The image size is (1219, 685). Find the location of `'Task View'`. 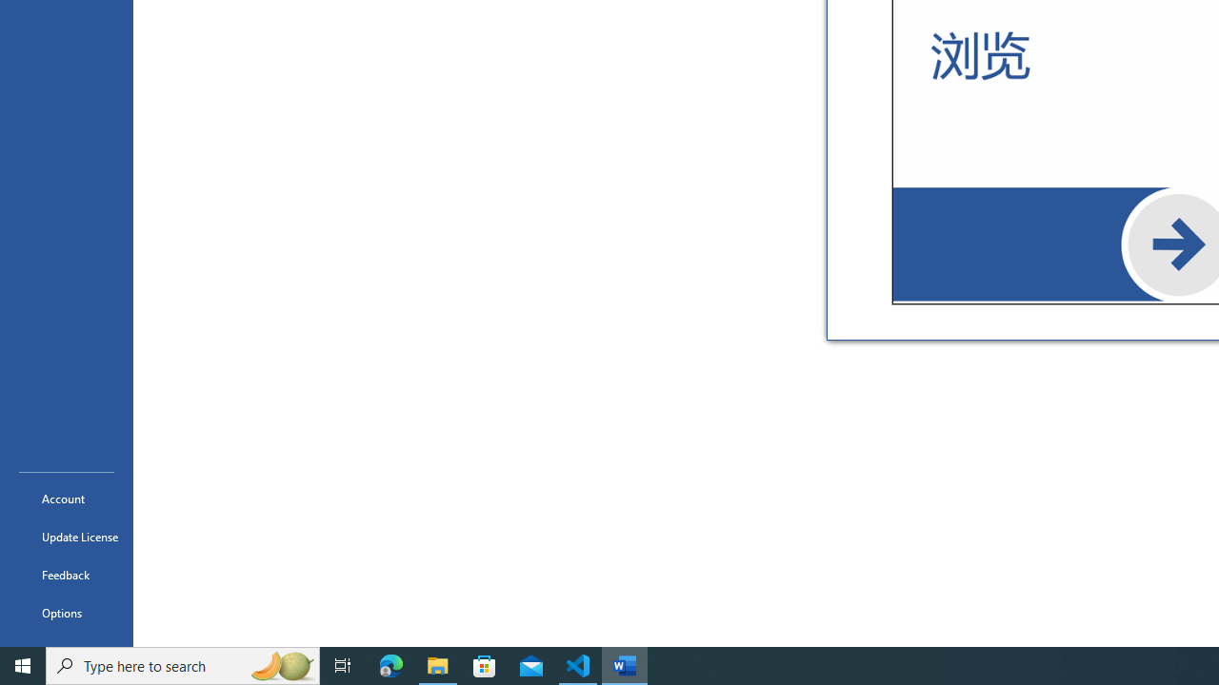

'Task View' is located at coordinates (342, 664).